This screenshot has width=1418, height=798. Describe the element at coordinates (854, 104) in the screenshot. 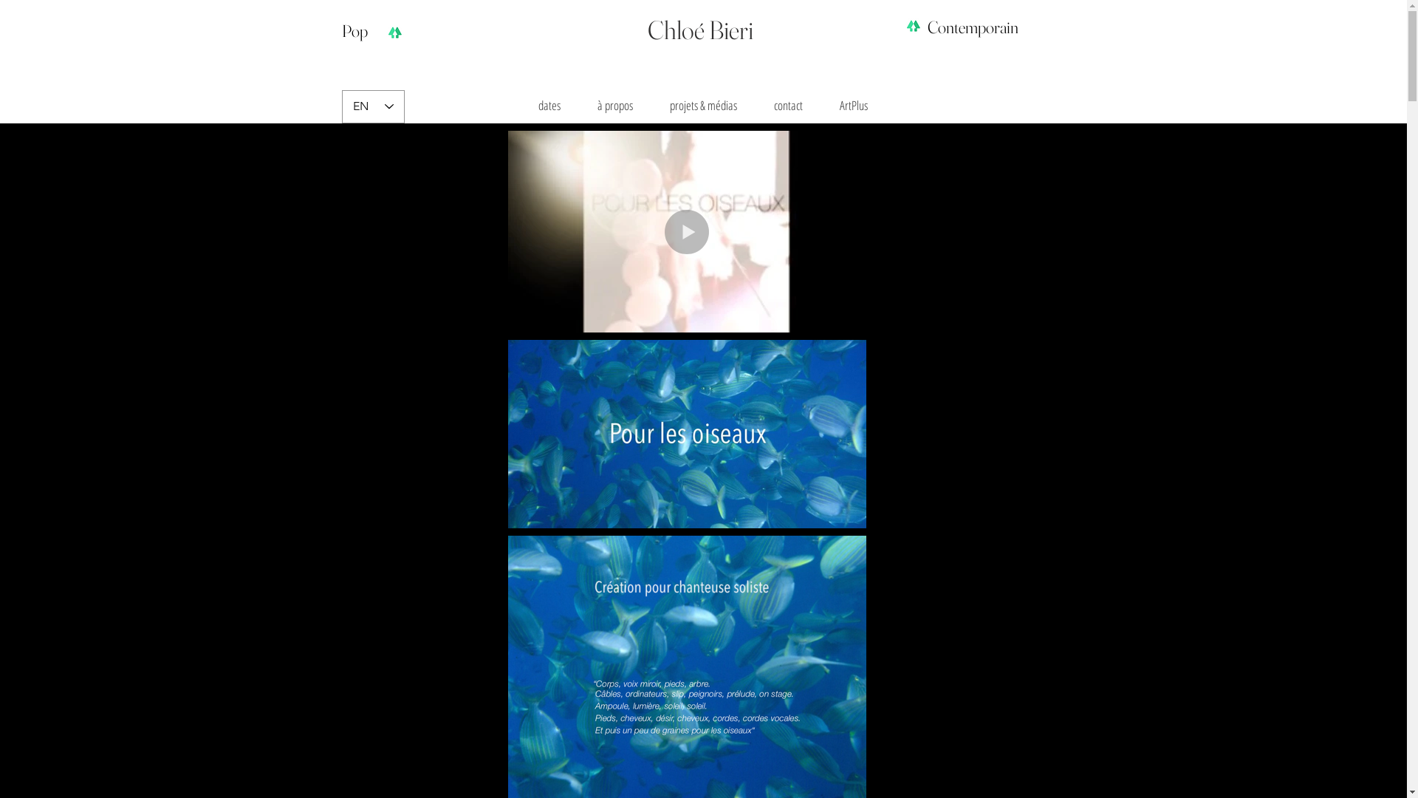

I see `'ArtPlus'` at that location.